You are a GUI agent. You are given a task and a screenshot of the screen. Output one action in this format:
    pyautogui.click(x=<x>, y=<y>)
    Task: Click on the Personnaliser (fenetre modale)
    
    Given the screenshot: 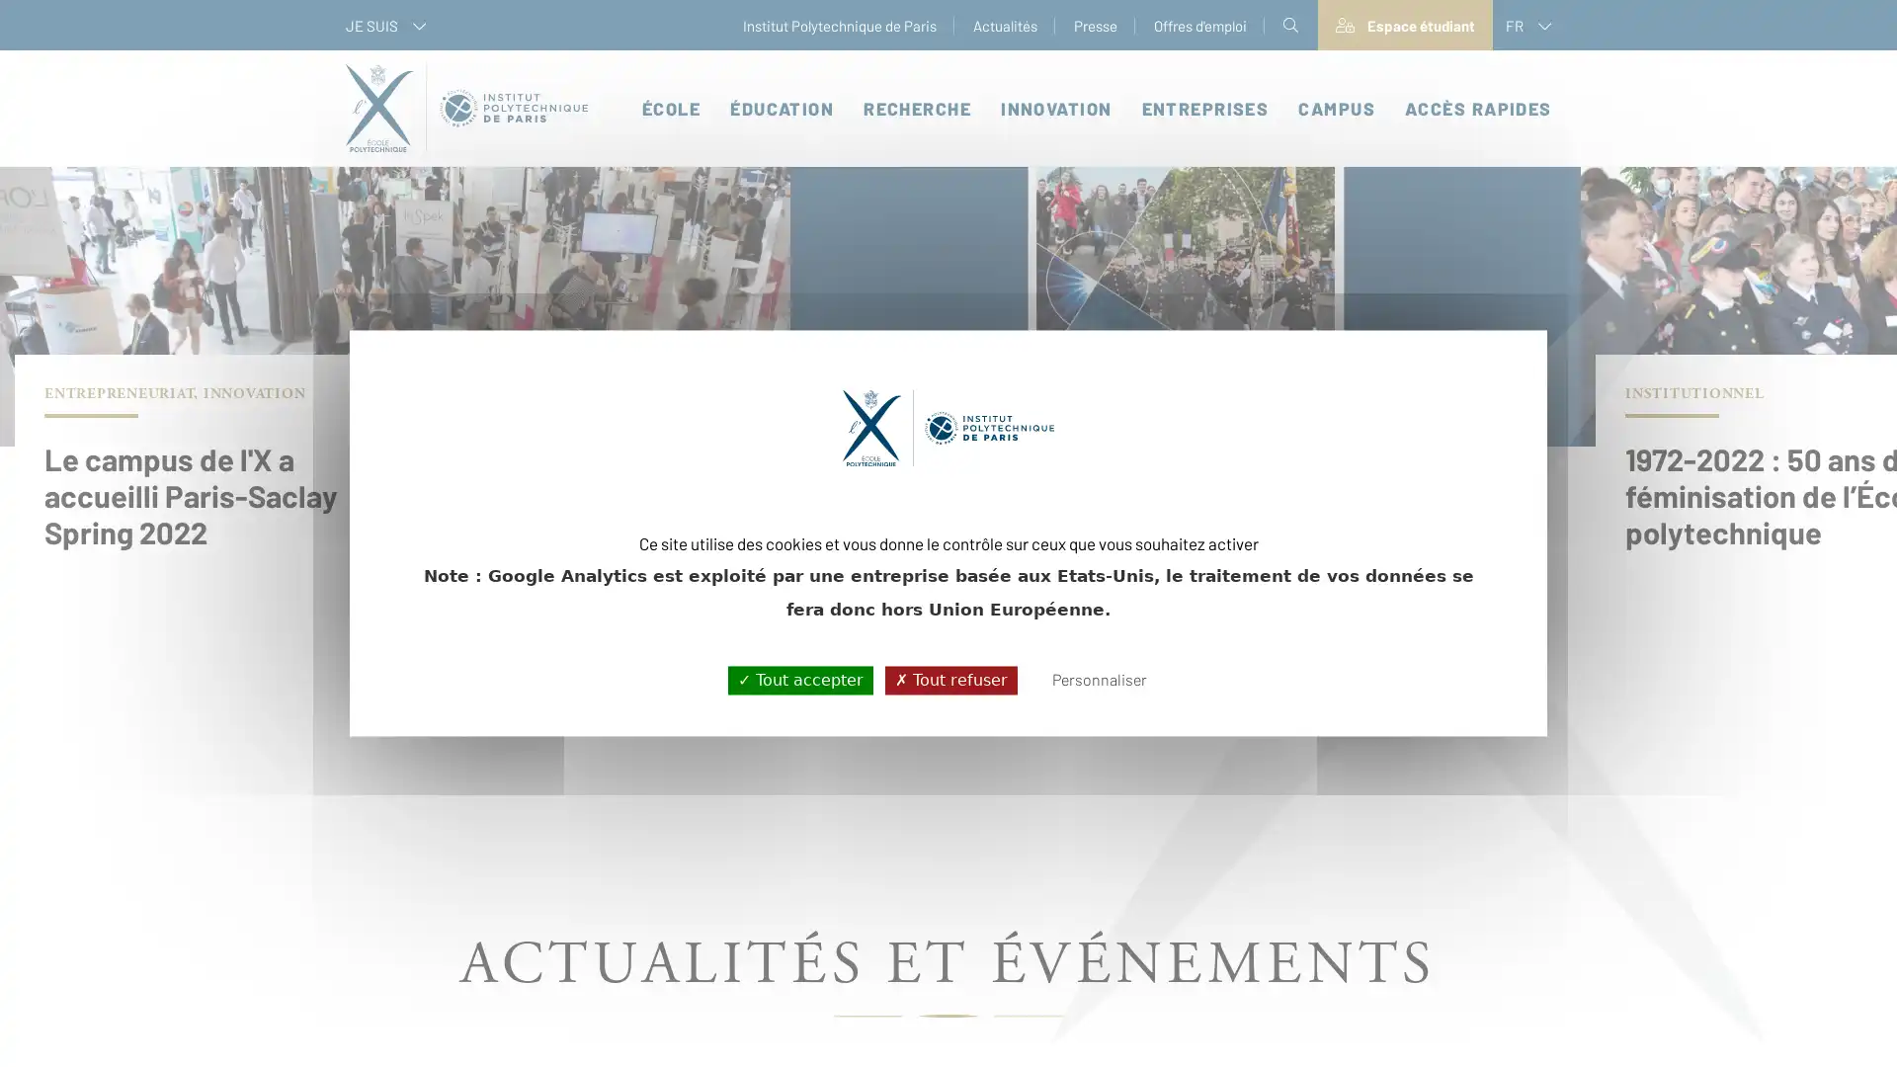 What is the action you would take?
    pyautogui.click(x=1098, y=680)
    